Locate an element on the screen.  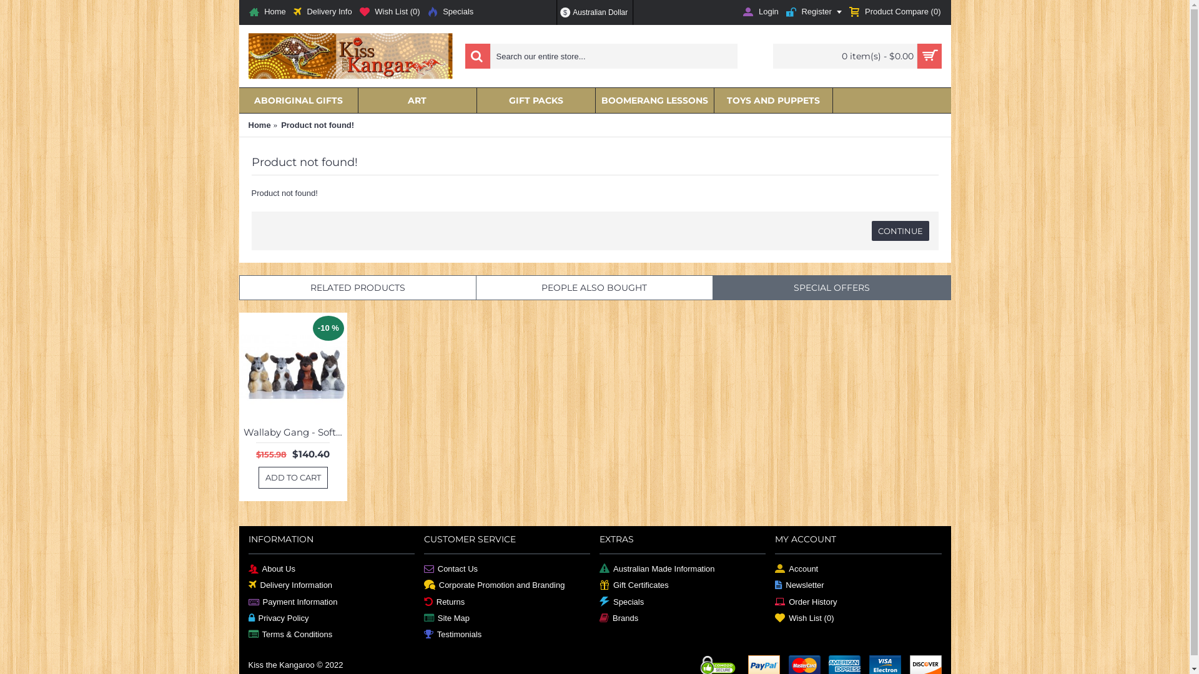
'Register' is located at coordinates (814, 12).